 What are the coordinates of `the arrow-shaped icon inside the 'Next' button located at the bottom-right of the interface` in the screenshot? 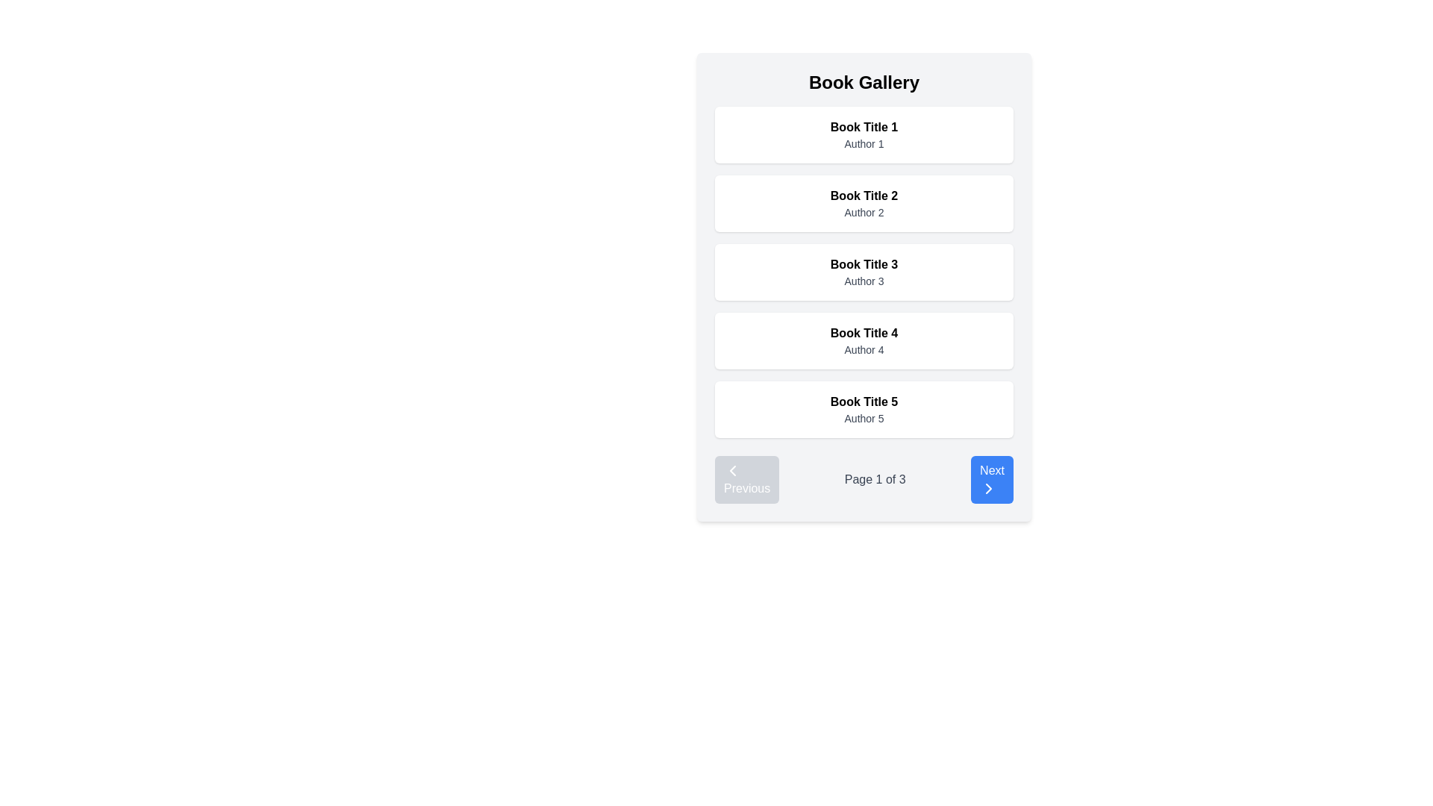 It's located at (988, 489).